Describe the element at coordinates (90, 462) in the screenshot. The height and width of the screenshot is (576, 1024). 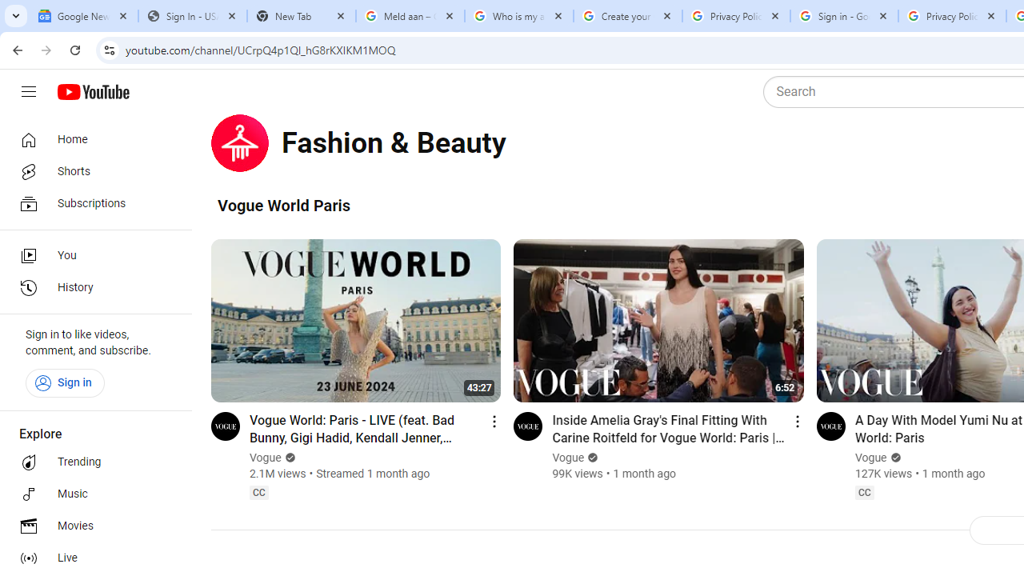
I see `'Trending'` at that location.